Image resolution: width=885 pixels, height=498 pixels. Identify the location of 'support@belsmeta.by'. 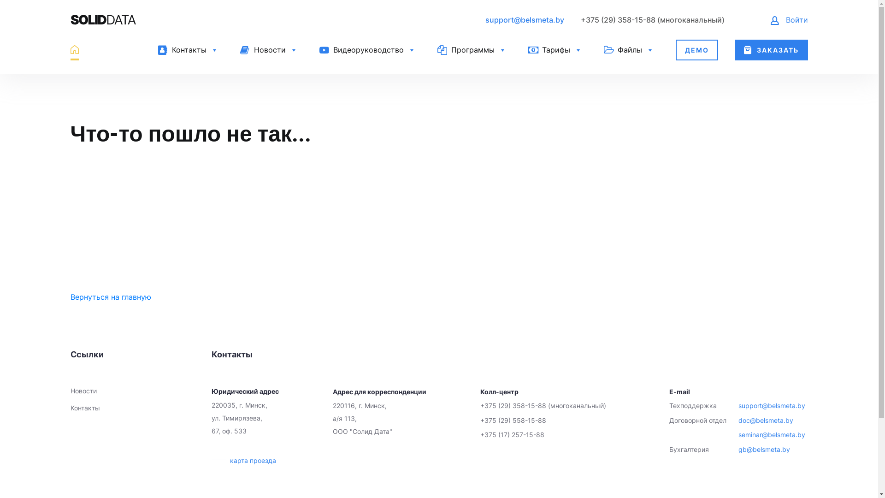
(524, 19).